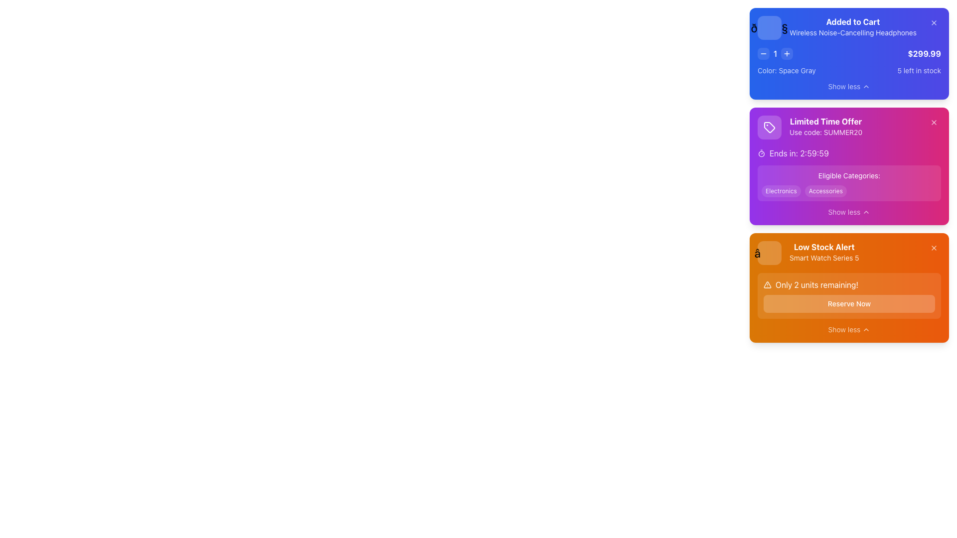 The width and height of the screenshot is (957, 538). I want to click on the small, circular close button ('X') with a white outline, located on the far-right edge of the 'Limited Time Offer' card in the title section, so click(933, 122).